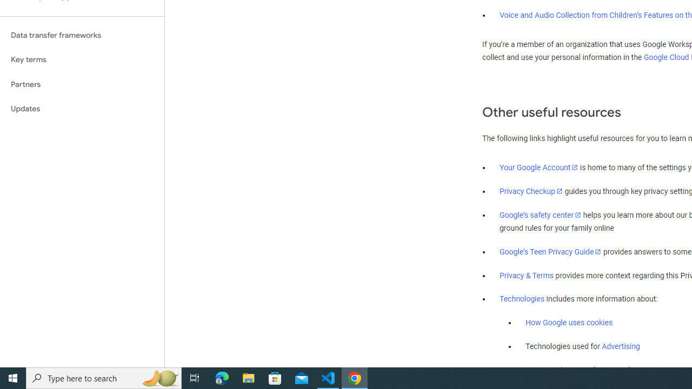 Image resolution: width=692 pixels, height=389 pixels. What do you see at coordinates (82, 35) in the screenshot?
I see `'Data transfer frameworks'` at bounding box center [82, 35].